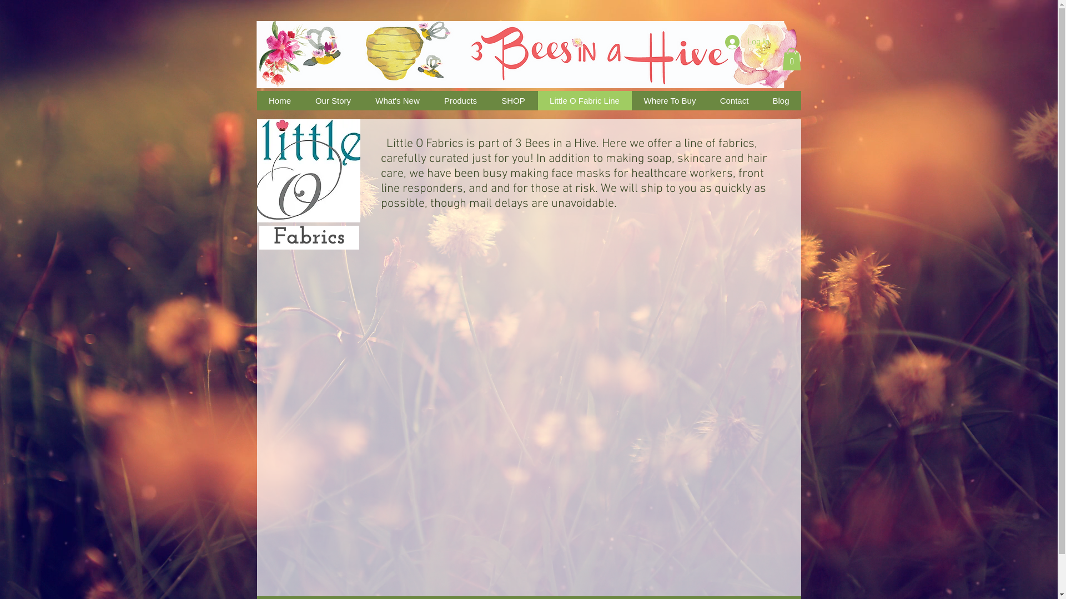  I want to click on 'Little O Fabric Line', so click(584, 100).